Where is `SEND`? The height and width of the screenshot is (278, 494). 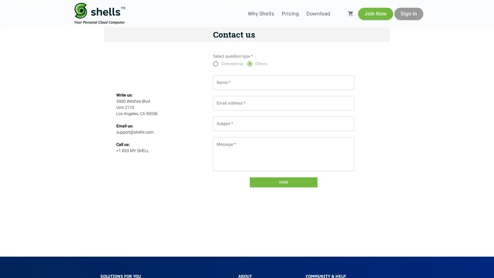
SEND is located at coordinates (283, 182).